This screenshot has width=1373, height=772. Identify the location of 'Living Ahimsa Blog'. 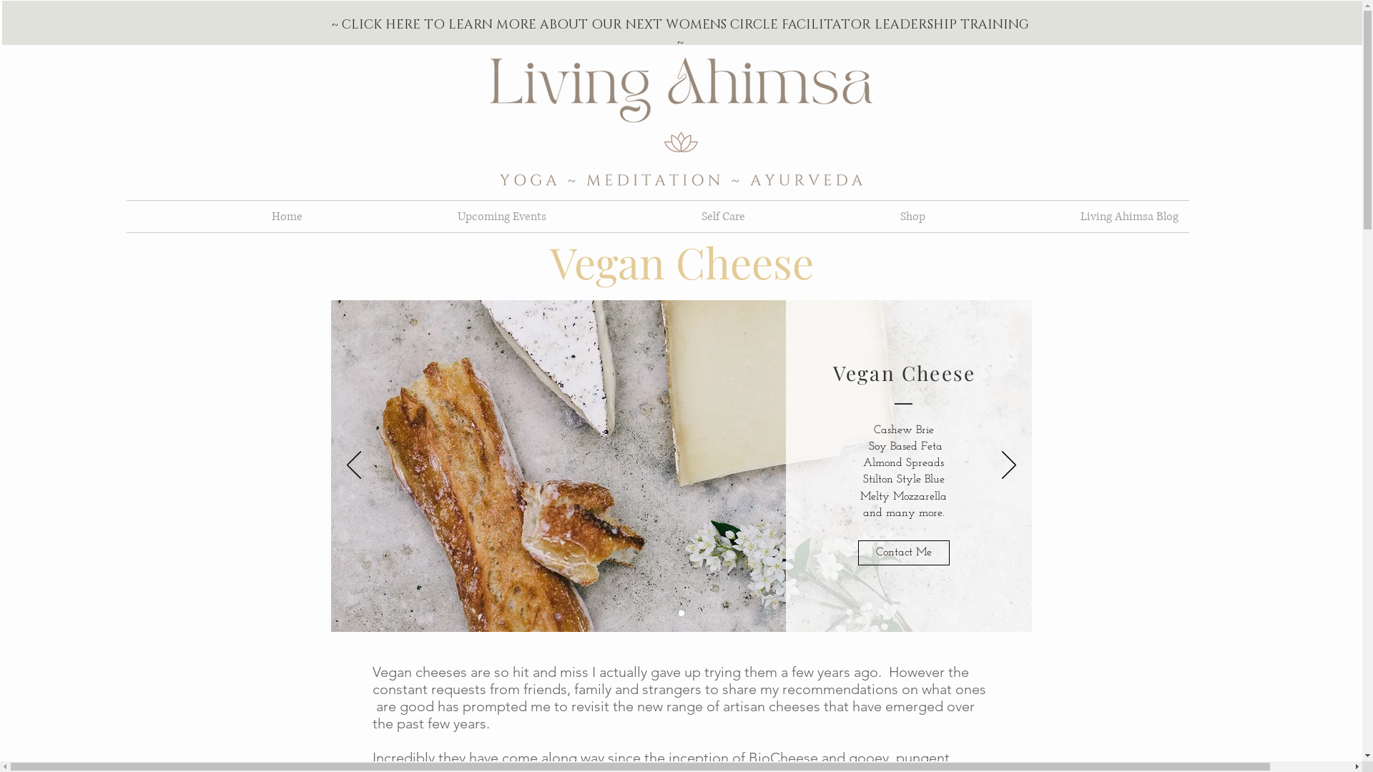
(1061, 217).